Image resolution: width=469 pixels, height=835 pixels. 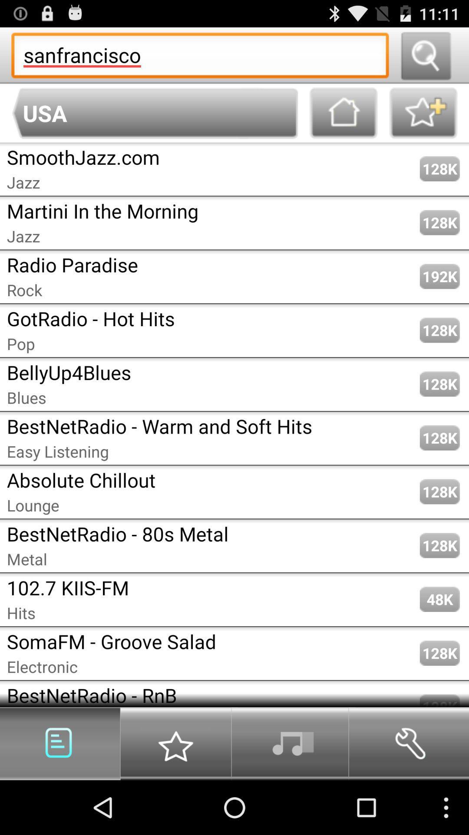 What do you see at coordinates (425, 55) in the screenshot?
I see `search item` at bounding box center [425, 55].